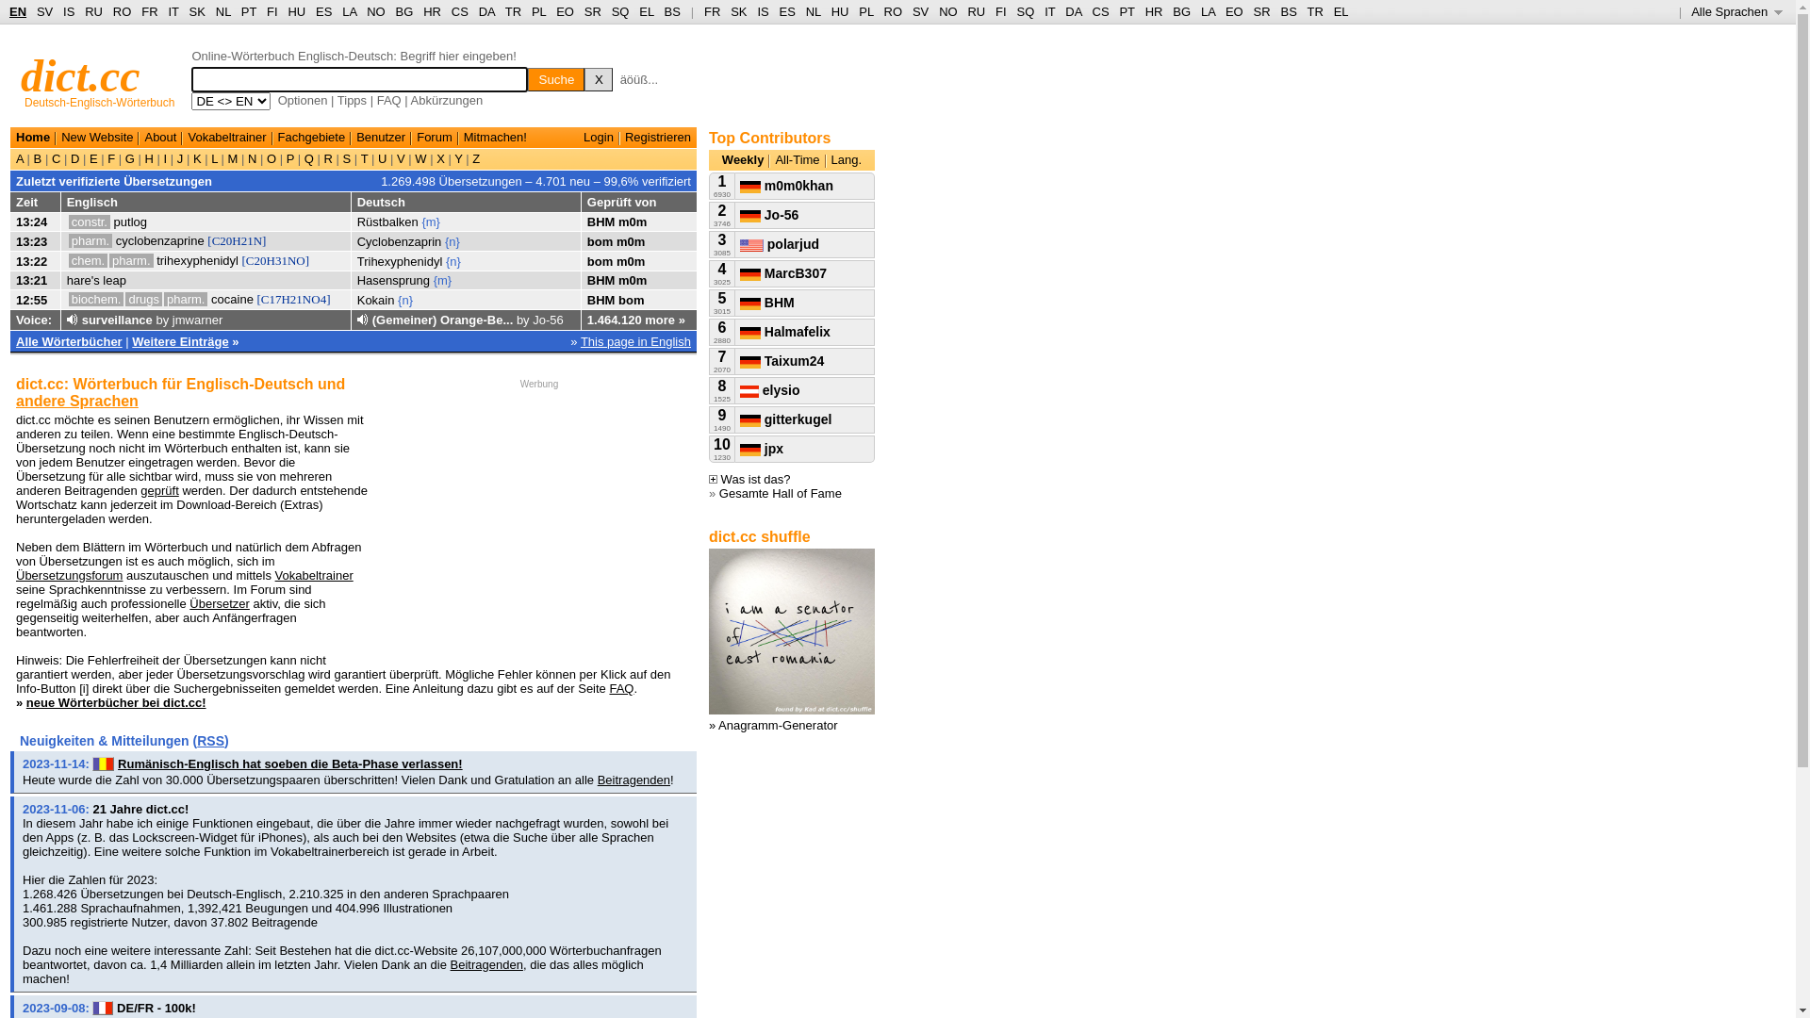 The width and height of the screenshot is (1810, 1018). Describe the element at coordinates (379, 136) in the screenshot. I see `'Benutzer'` at that location.